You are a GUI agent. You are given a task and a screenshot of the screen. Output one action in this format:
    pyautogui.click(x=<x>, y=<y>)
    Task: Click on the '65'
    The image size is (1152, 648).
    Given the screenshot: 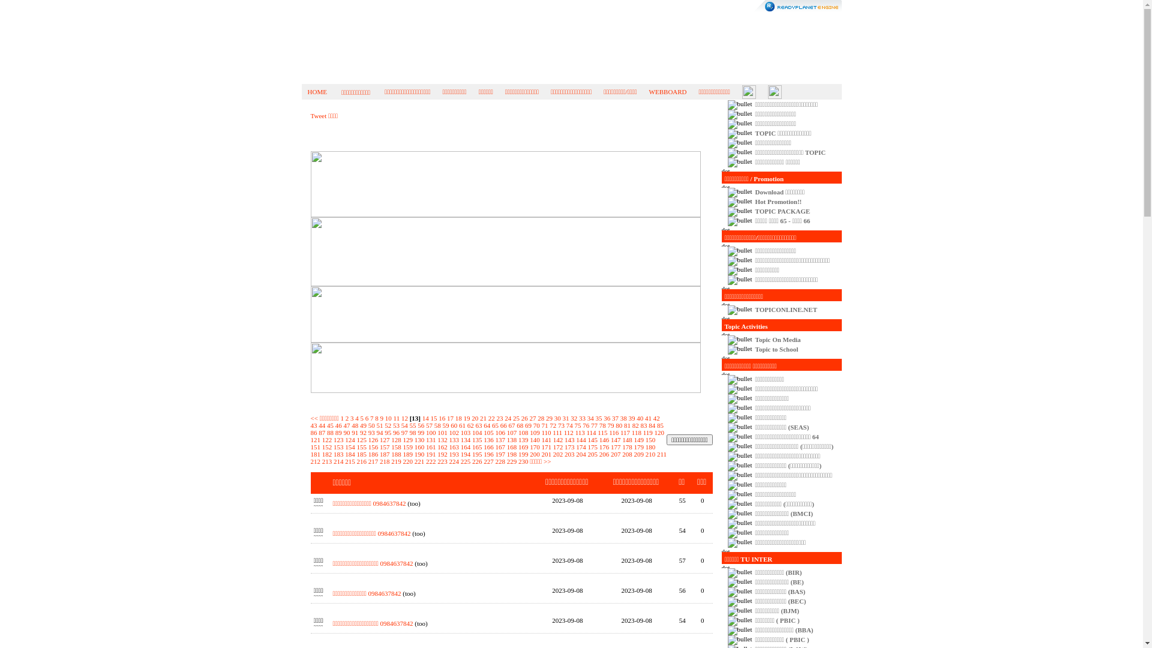 What is the action you would take?
    pyautogui.click(x=492, y=425)
    